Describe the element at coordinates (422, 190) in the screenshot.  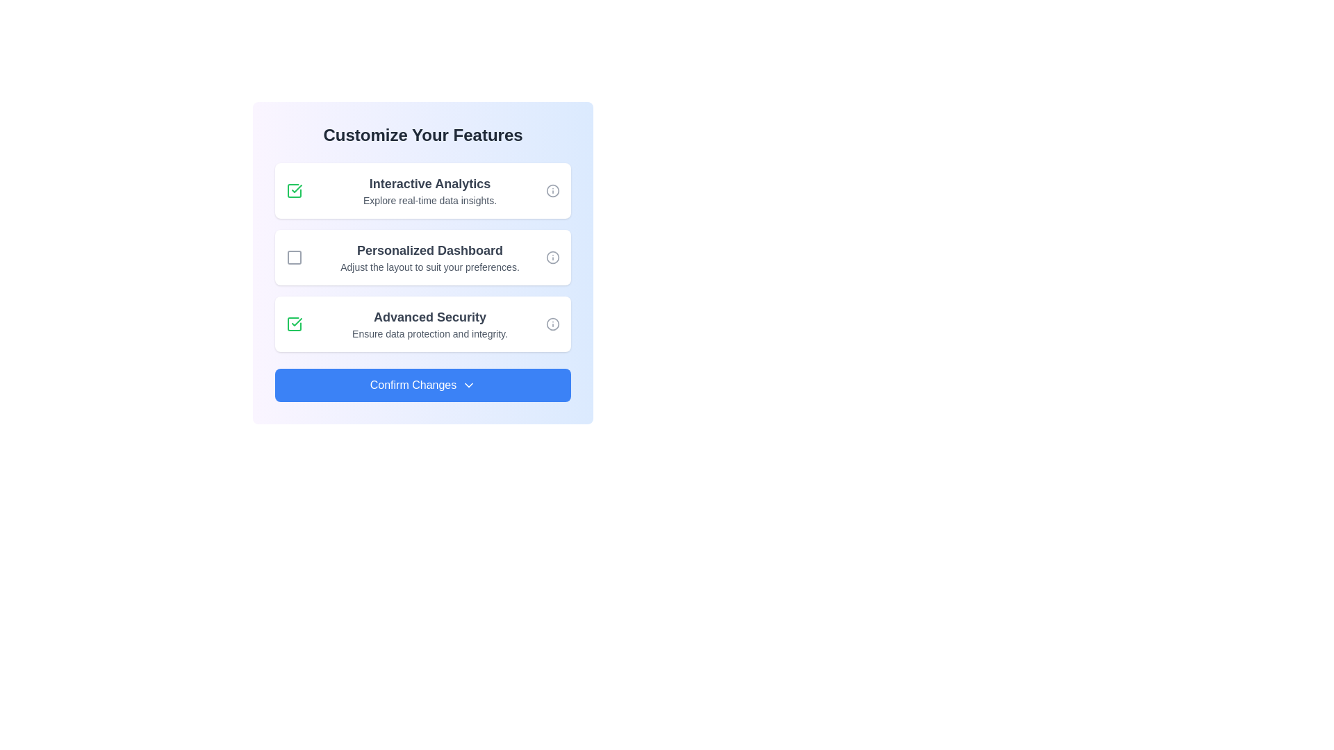
I see `the checkbox located on the left side of the 'Interactive Analytics' informational card, which is the topmost card in a vertical stack of three cards` at that location.